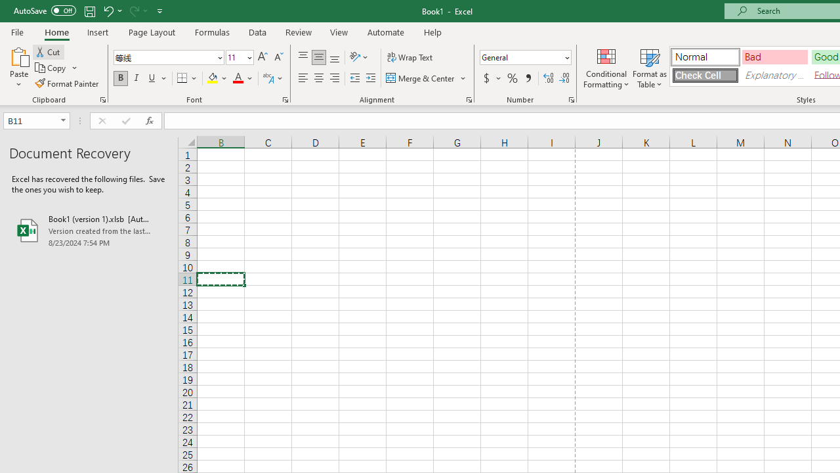 The height and width of the screenshot is (473, 840). What do you see at coordinates (238, 78) in the screenshot?
I see `'Font Color RGB(255, 0, 0)'` at bounding box center [238, 78].